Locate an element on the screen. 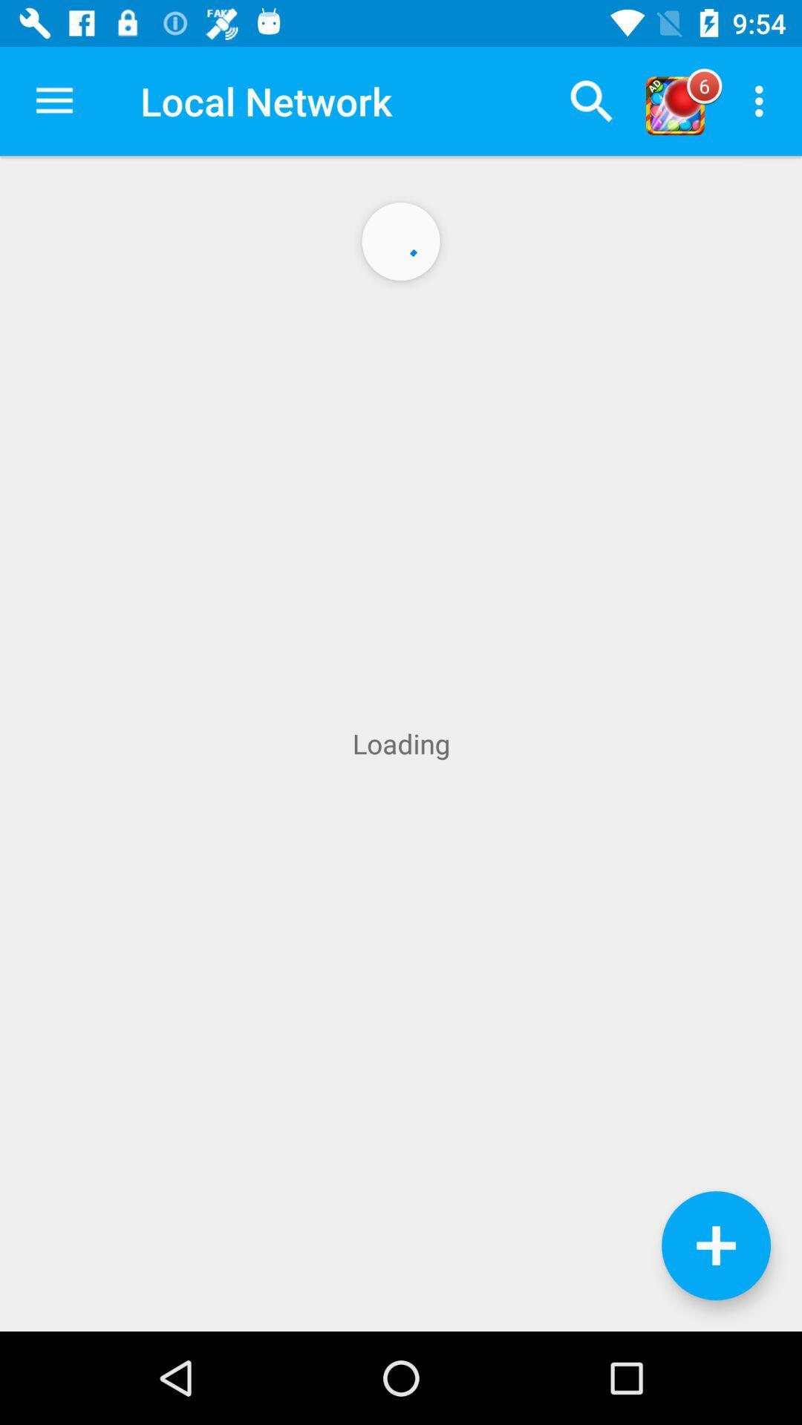 This screenshot has width=802, height=1425. more options is located at coordinates (715, 1245).